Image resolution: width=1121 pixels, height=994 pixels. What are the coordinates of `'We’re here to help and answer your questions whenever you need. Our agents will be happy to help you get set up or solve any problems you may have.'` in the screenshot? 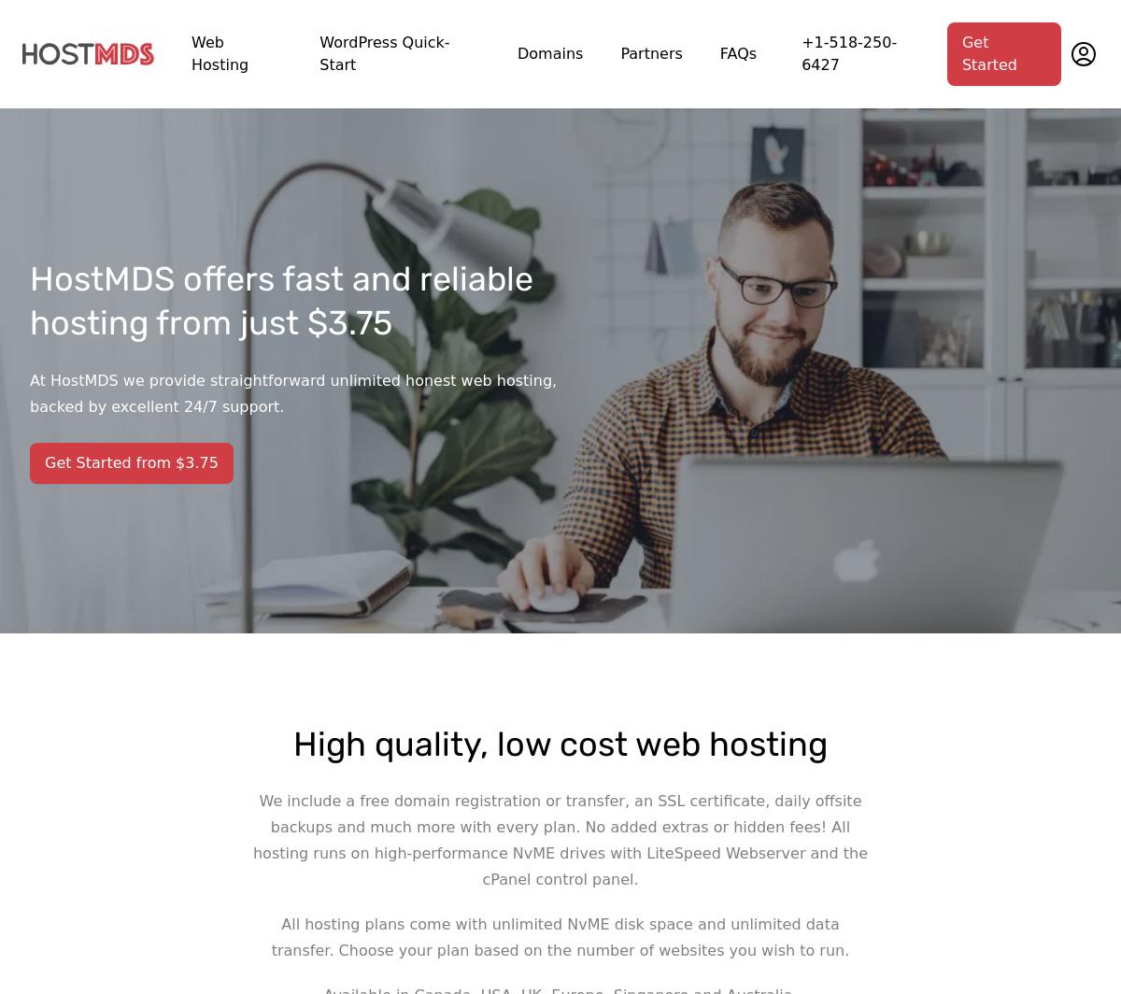 It's located at (924, 307).